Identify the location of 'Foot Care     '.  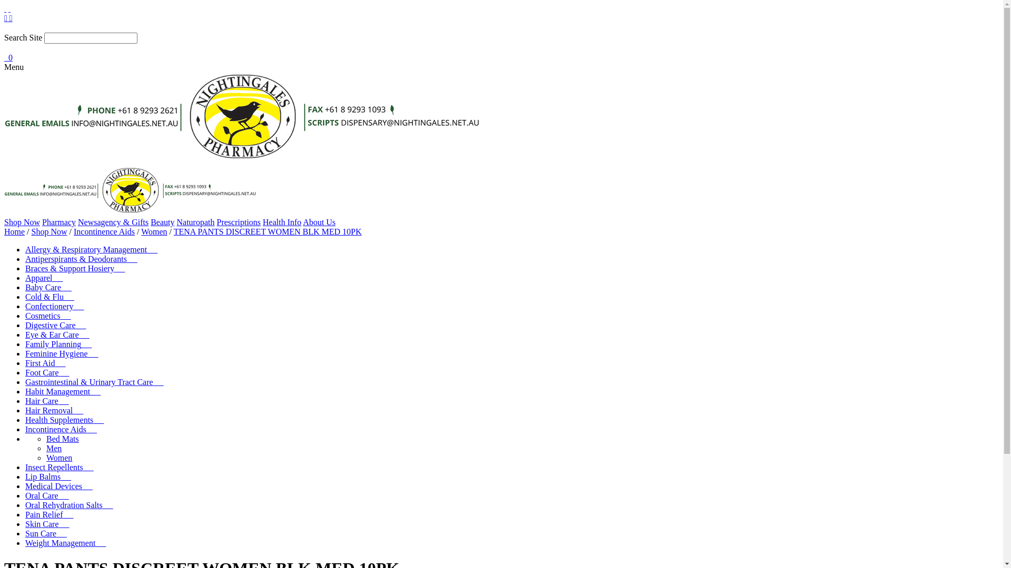
(47, 372).